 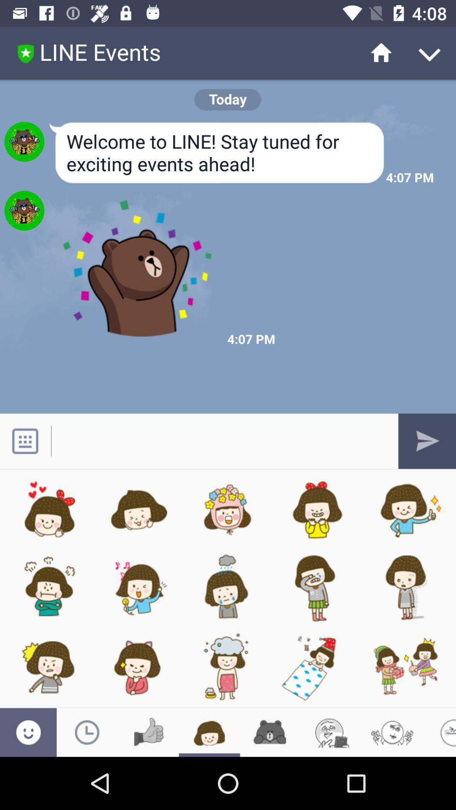 I want to click on the date_range icon, so click(x=270, y=732).